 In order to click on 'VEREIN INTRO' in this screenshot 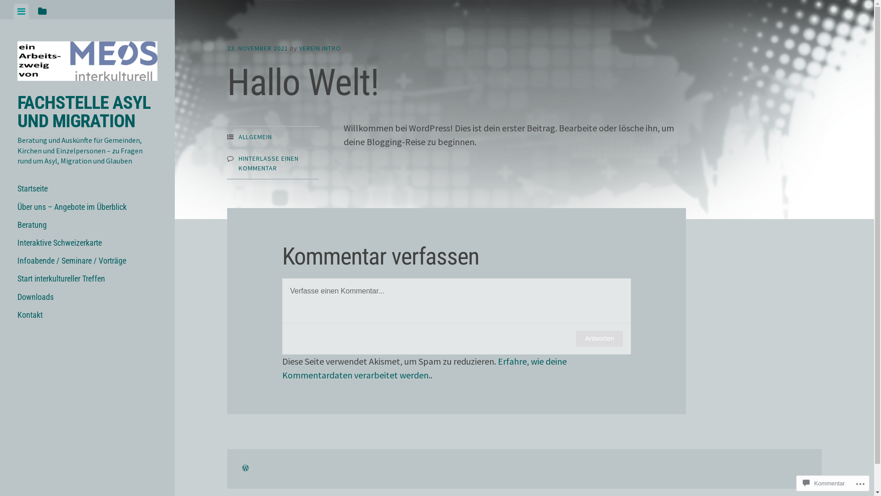, I will do `click(320, 48)`.